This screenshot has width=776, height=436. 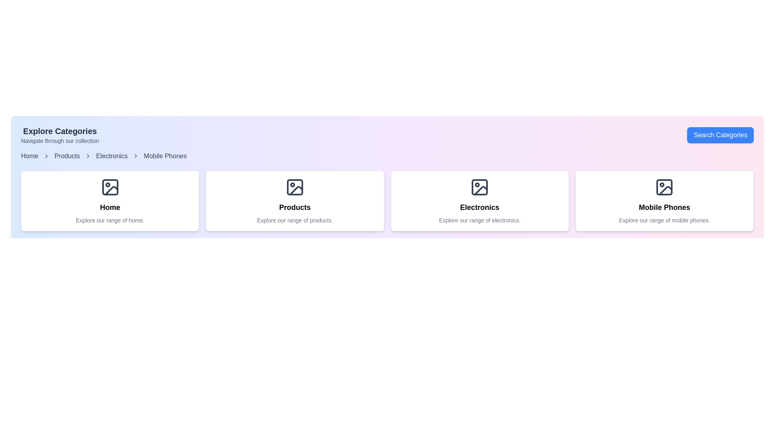 I want to click on the 'Mobile Phones' breadcrumb link in the navigation bar, so click(x=164, y=156).